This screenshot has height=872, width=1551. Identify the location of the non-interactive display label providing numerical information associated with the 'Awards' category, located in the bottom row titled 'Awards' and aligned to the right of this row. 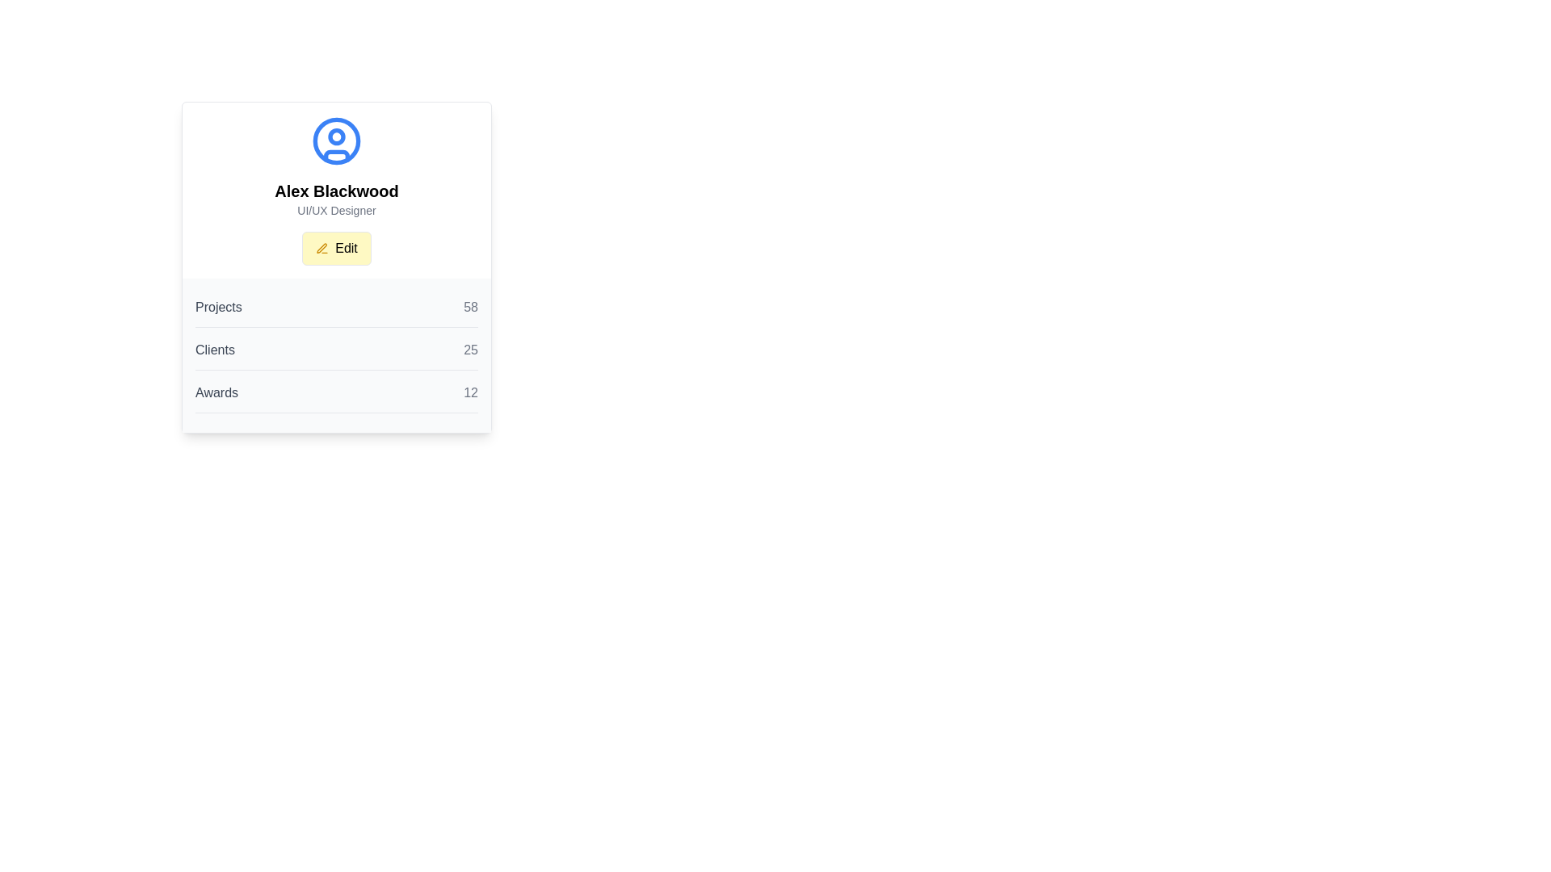
(470, 392).